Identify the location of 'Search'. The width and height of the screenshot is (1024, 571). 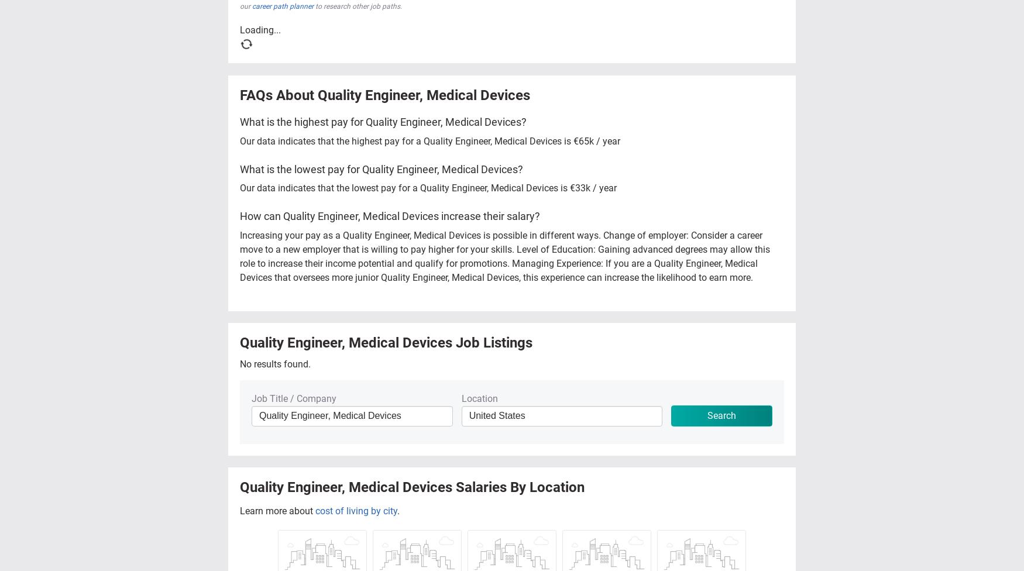
(721, 414).